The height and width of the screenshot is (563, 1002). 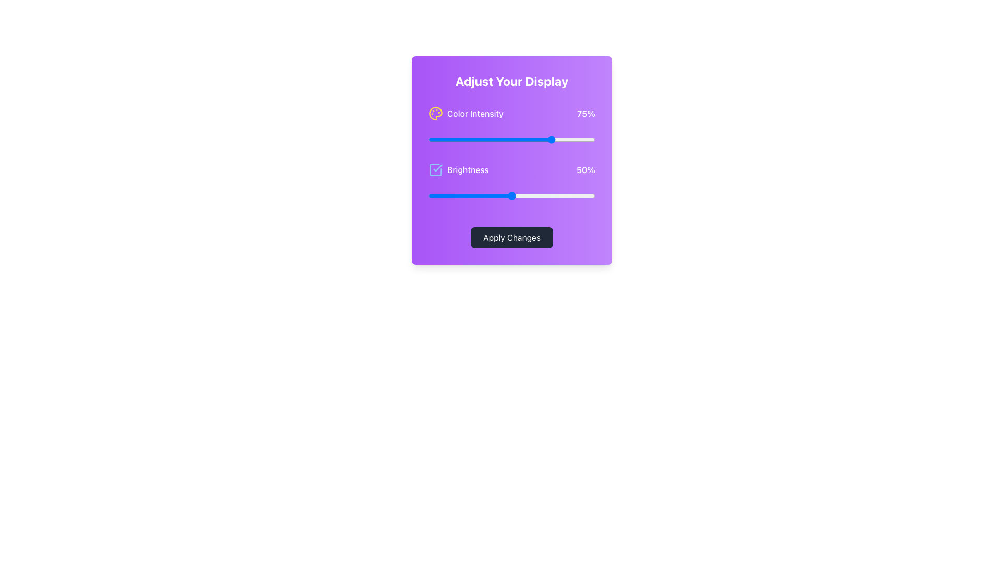 What do you see at coordinates (453, 195) in the screenshot?
I see `the Brightness slider` at bounding box center [453, 195].